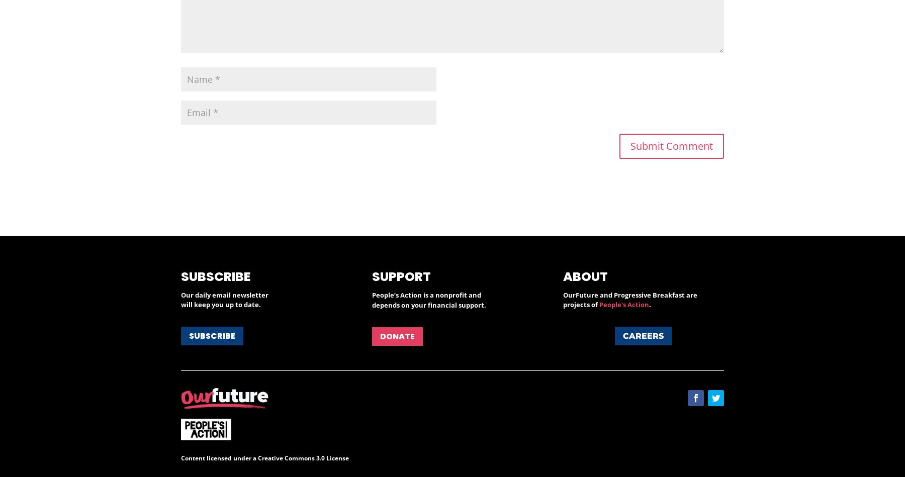 The image size is (905, 477). What do you see at coordinates (629, 300) in the screenshot?
I see `'OurFuture and Progressive Breakfast are projects of'` at bounding box center [629, 300].